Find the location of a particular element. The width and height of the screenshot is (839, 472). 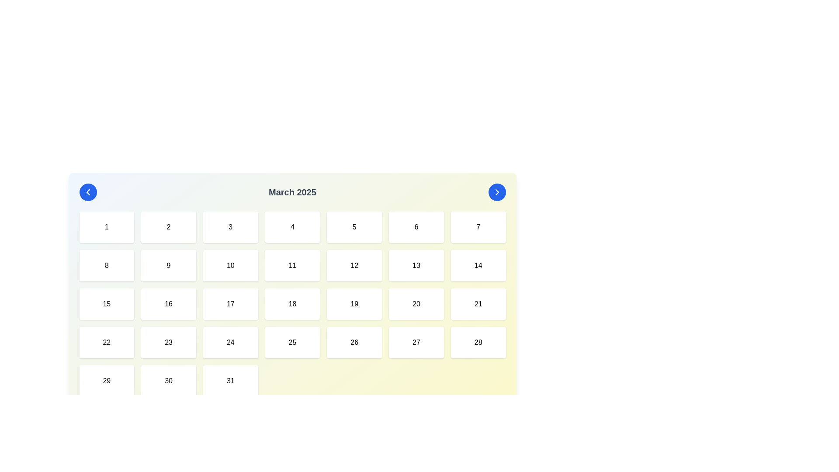

the interactive calendar date element representing the date '3' is located at coordinates (230, 227).